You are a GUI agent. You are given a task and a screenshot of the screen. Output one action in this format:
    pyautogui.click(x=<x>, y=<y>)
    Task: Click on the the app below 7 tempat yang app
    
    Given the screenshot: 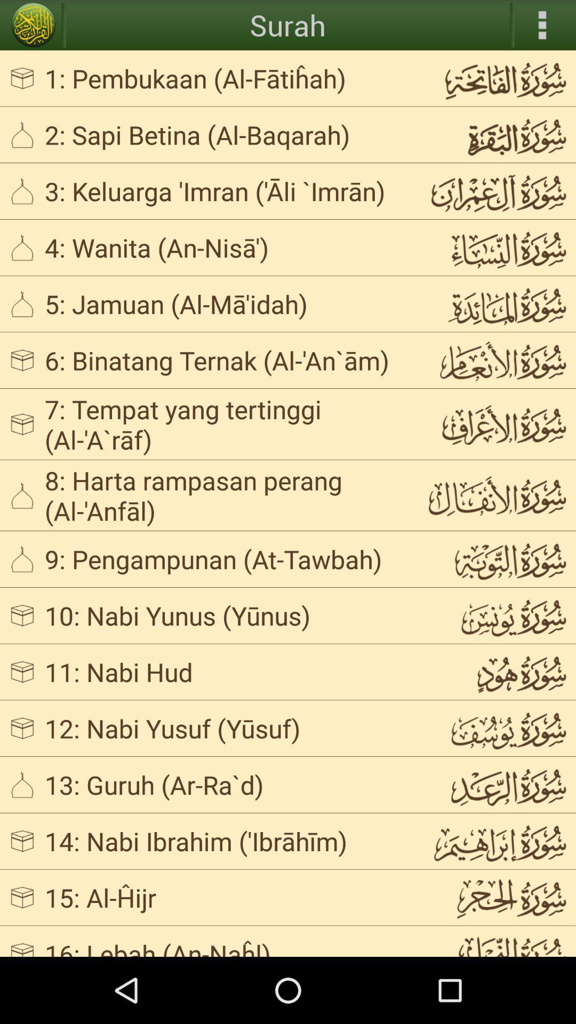 What is the action you would take?
    pyautogui.click(x=226, y=494)
    